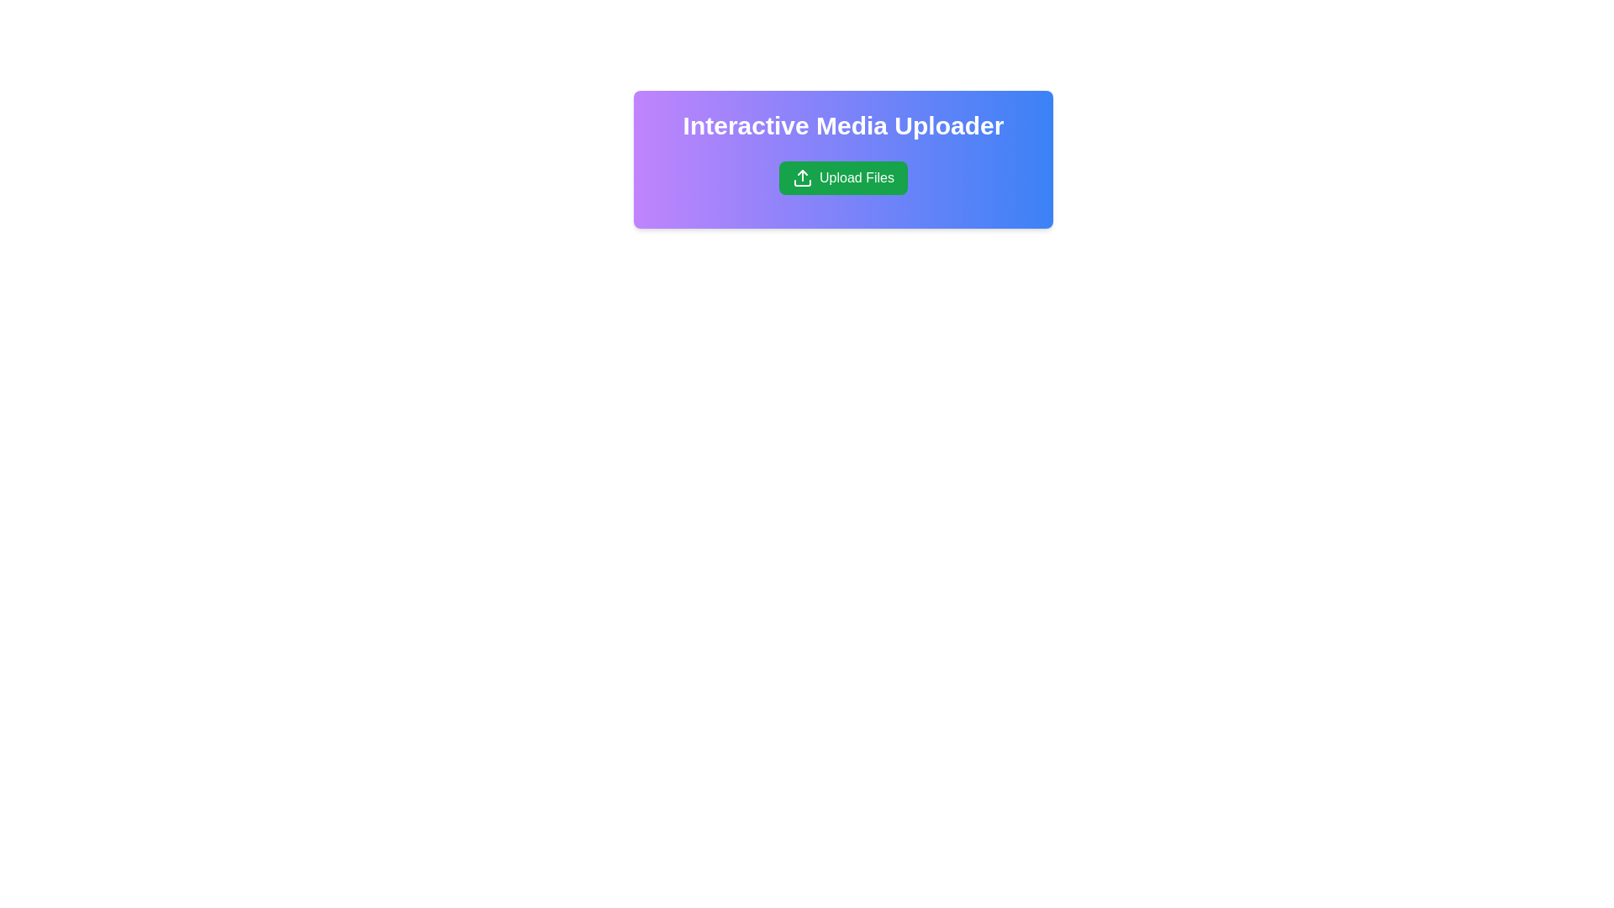 The width and height of the screenshot is (1614, 908). Describe the element at coordinates (843, 125) in the screenshot. I see `the Text display element (Heading) which serves as the title for the section indicating the area for uploading interactive media` at that location.